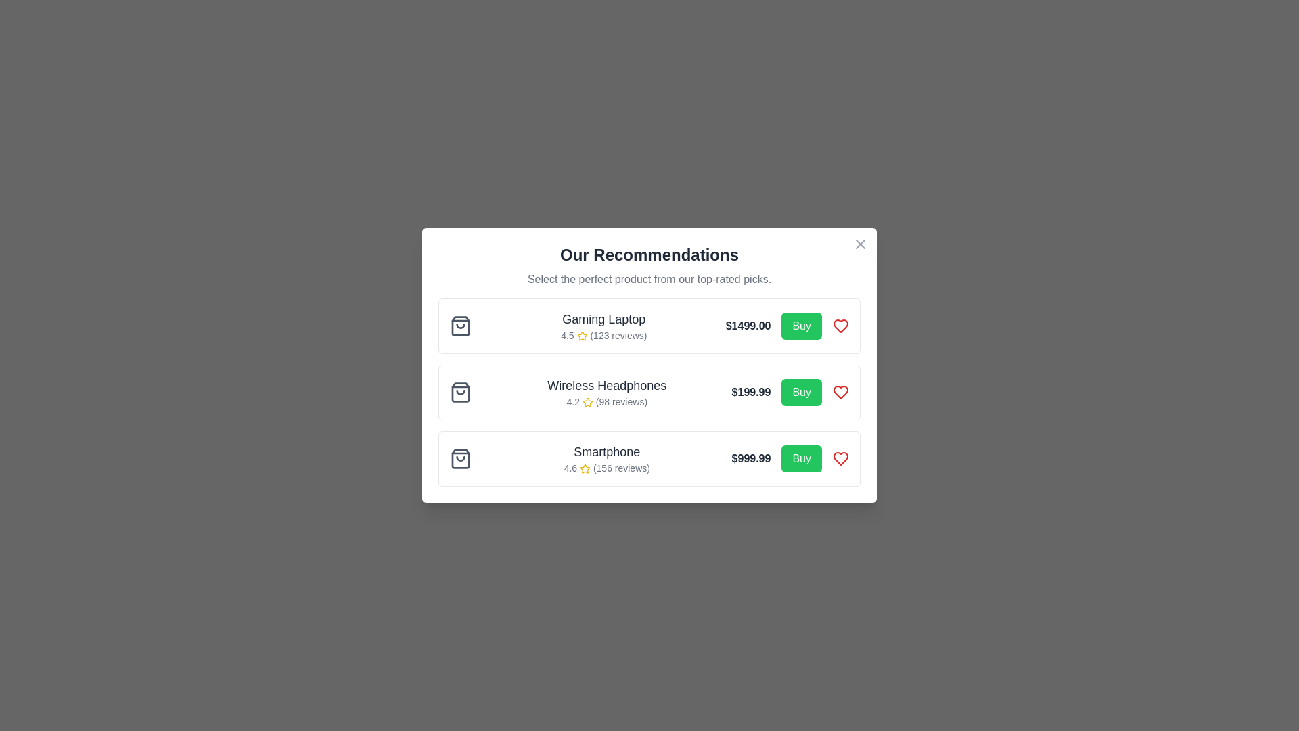  What do you see at coordinates (461, 458) in the screenshot?
I see `the non-interactive shopping icon located as the leftmost icon in the third item of the product list for the product titled 'Smartphone'` at bounding box center [461, 458].